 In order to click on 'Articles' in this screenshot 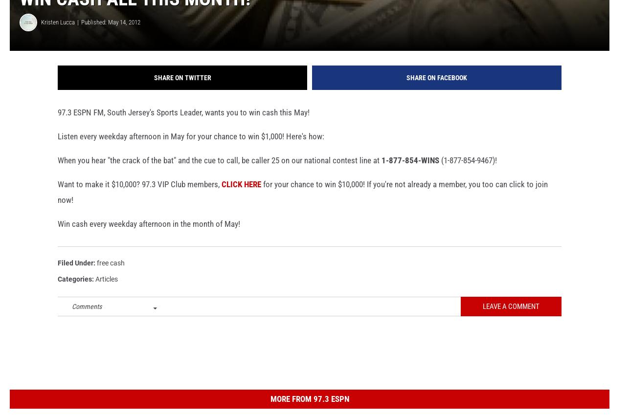, I will do `click(95, 294)`.